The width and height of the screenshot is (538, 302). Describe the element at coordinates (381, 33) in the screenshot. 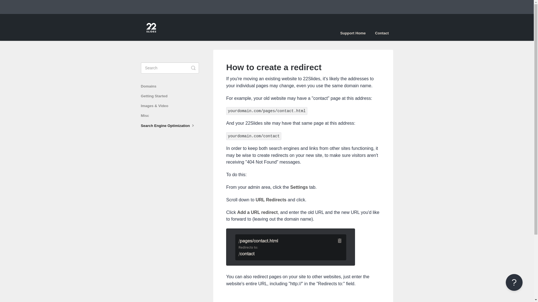

I see `'Contact'` at that location.